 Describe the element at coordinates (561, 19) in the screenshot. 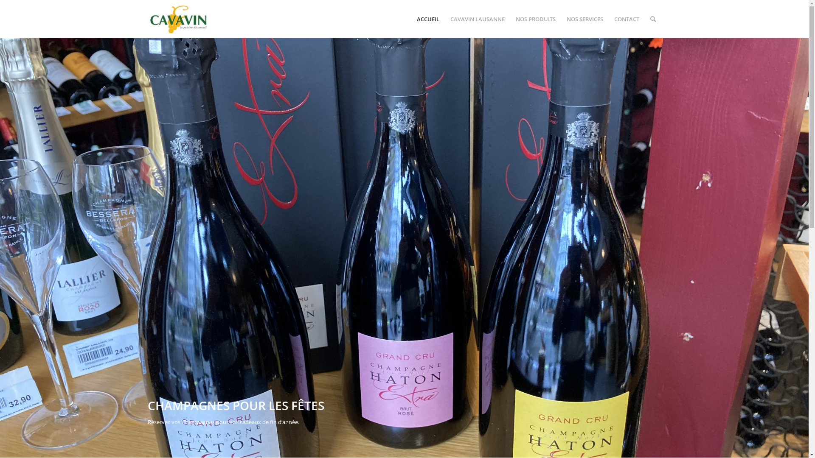

I see `'NOS SERVICES'` at that location.